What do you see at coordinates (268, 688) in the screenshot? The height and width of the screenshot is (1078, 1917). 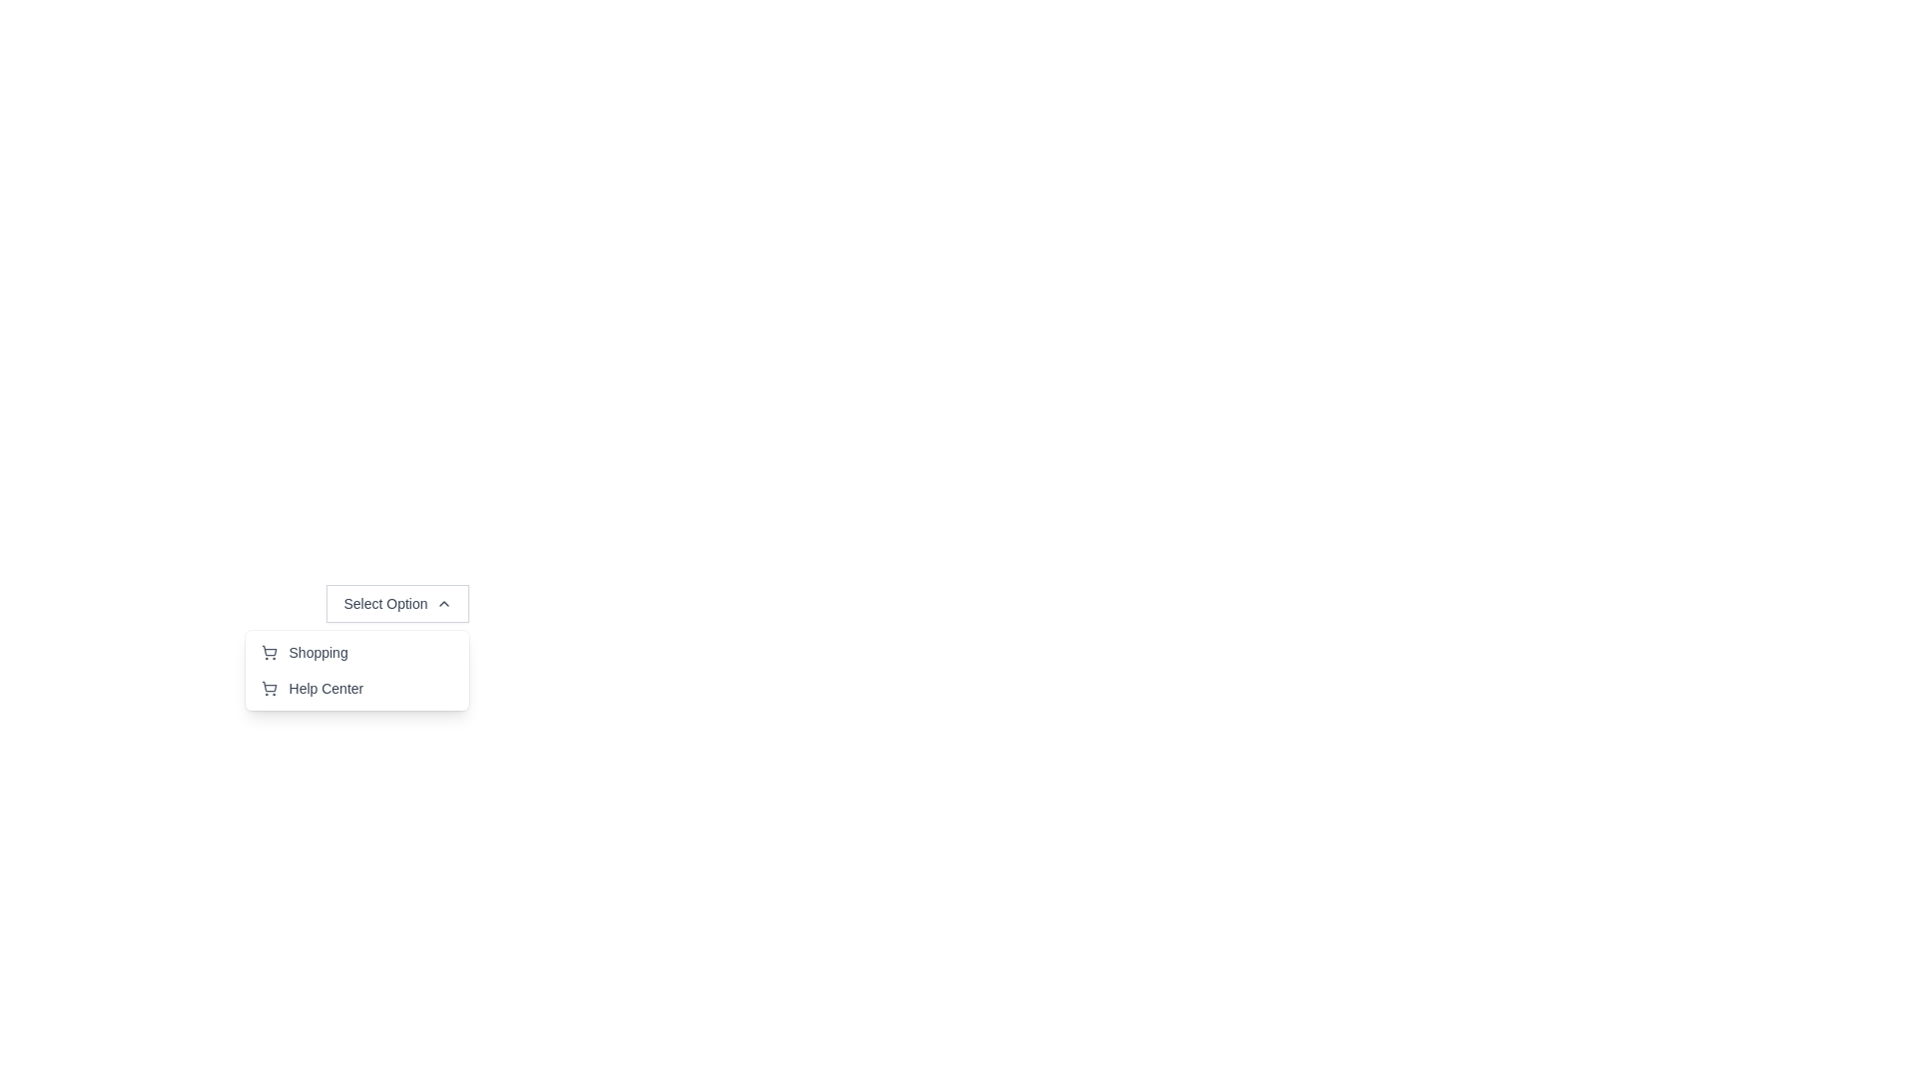 I see `the small shopping cart icon, which is dark gray line art with two circles at the bottom representing wheels, located to the left of the 'Help Center' label in the dropdown menu` at bounding box center [268, 688].